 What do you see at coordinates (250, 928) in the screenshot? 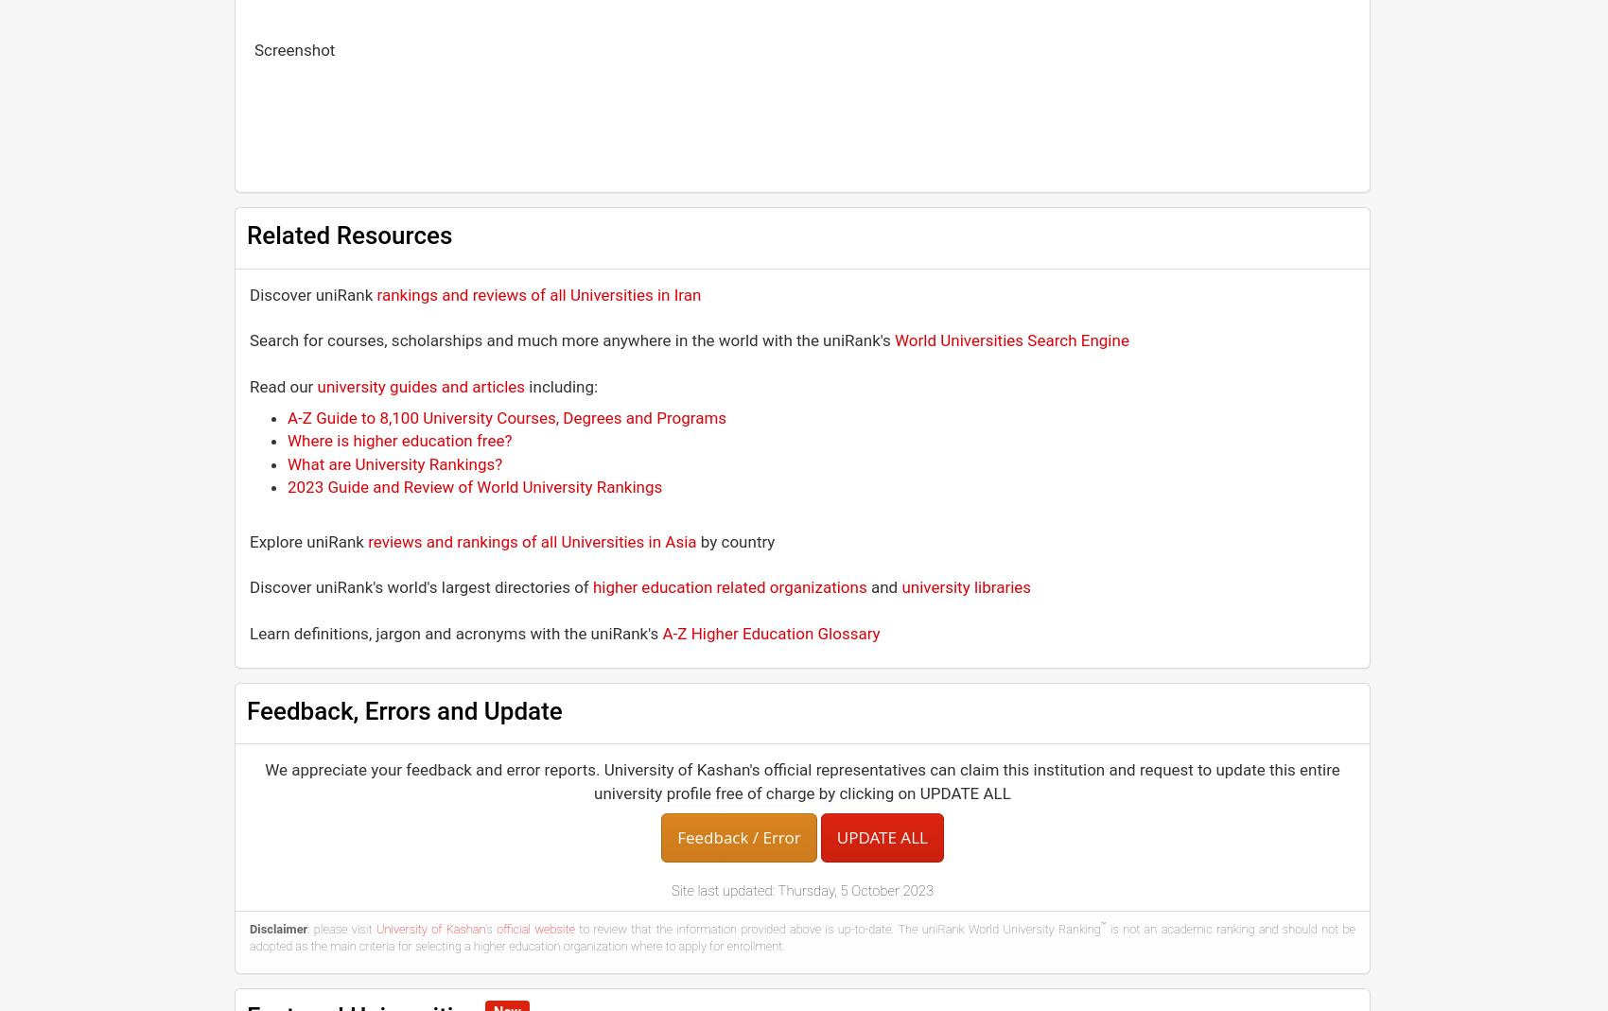
I see `'Disclaimer'` at bounding box center [250, 928].